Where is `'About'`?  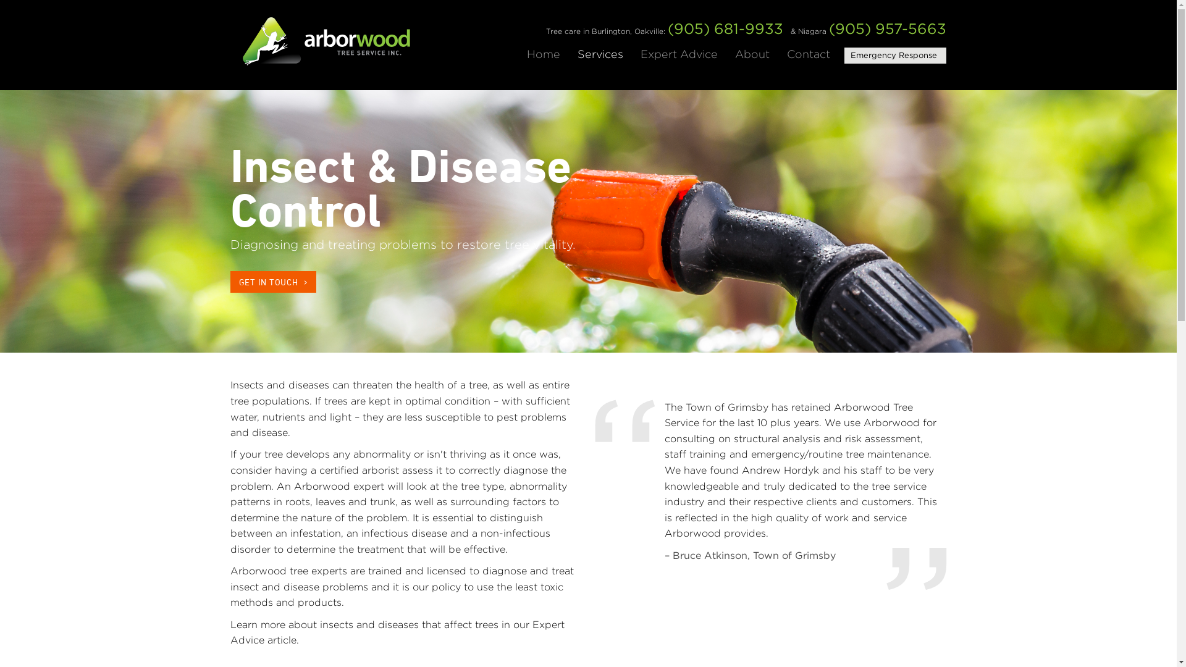
'About' is located at coordinates (752, 53).